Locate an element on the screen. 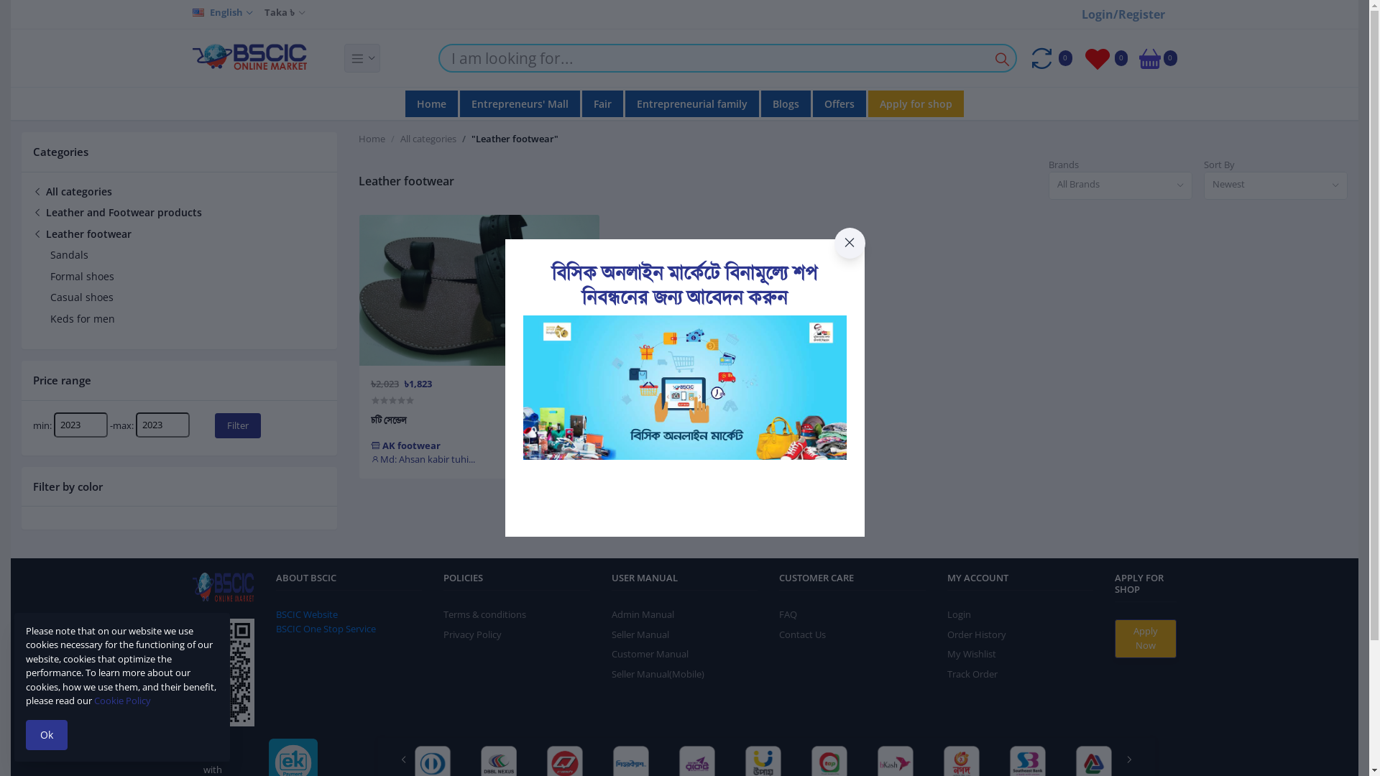 This screenshot has height=776, width=1380. 'BSCIC One Stop Service' is located at coordinates (325, 628).